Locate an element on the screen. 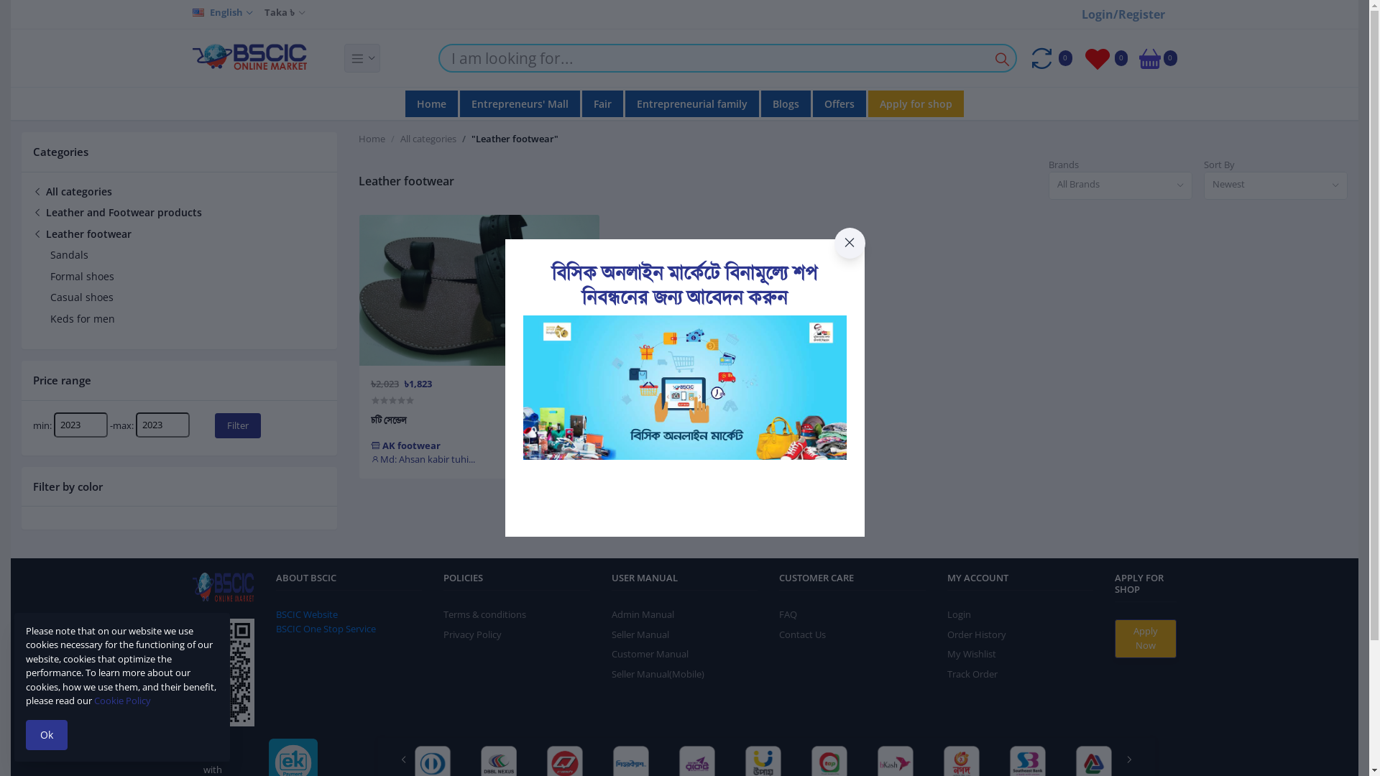 This screenshot has height=776, width=1380. 'BSCIC One Stop Service' is located at coordinates (325, 628).